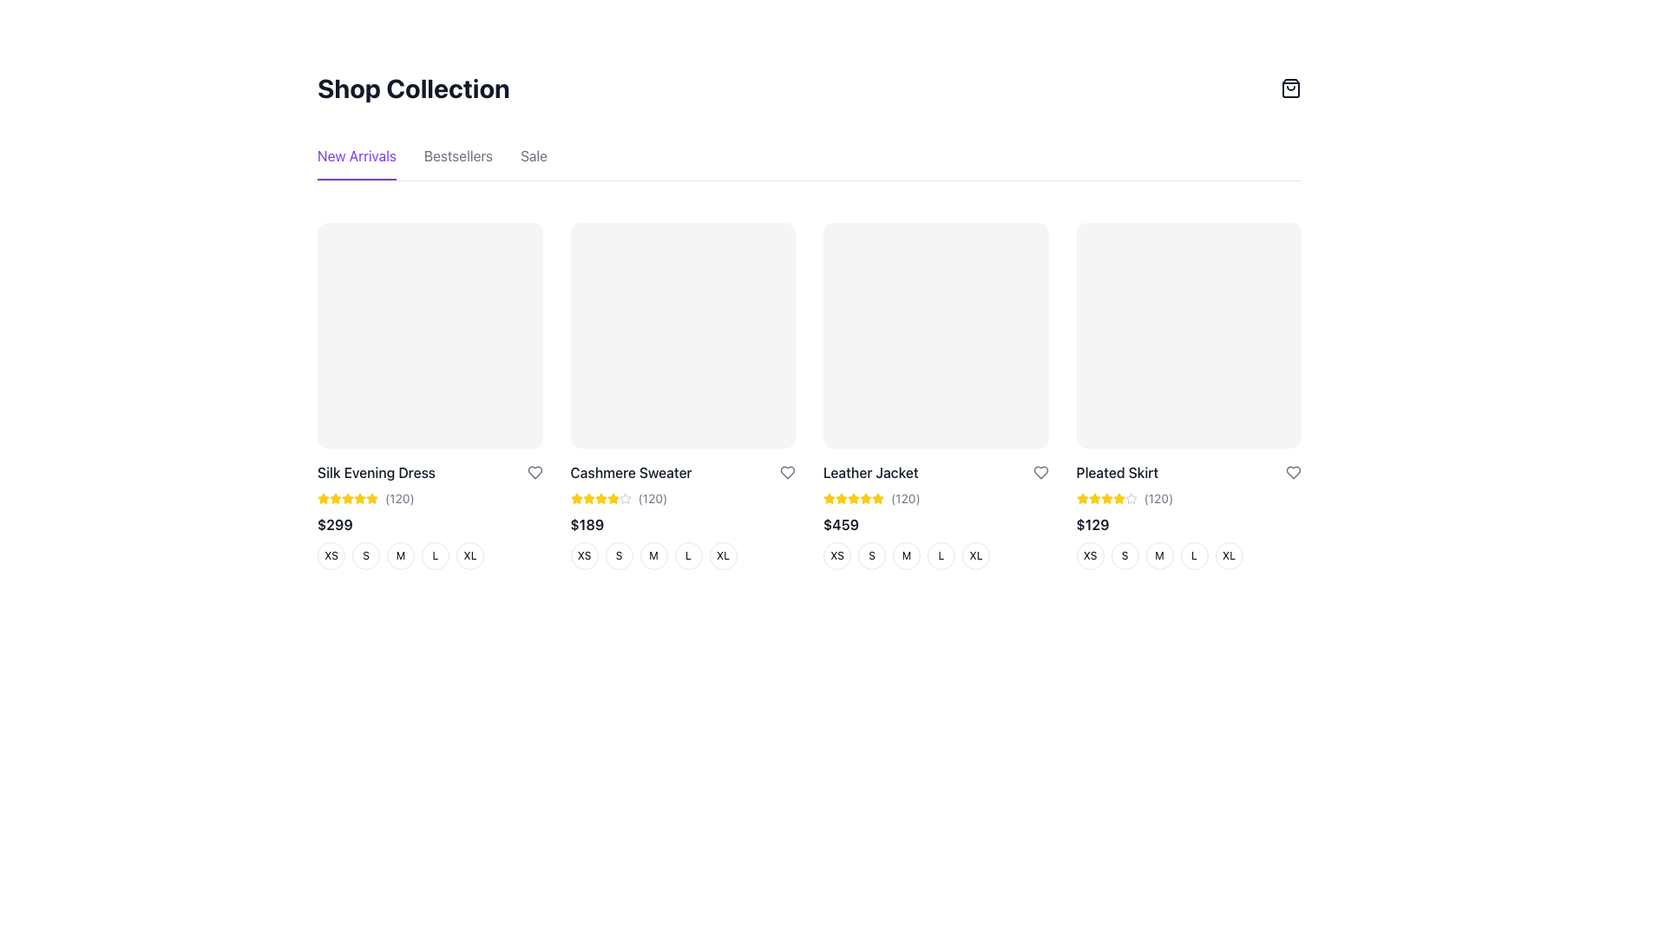 This screenshot has height=937, width=1666. I want to click on the second yellow star icon in the rating system for the 'Silk Evening Dress' to interact with the rating functionality, so click(358, 498).